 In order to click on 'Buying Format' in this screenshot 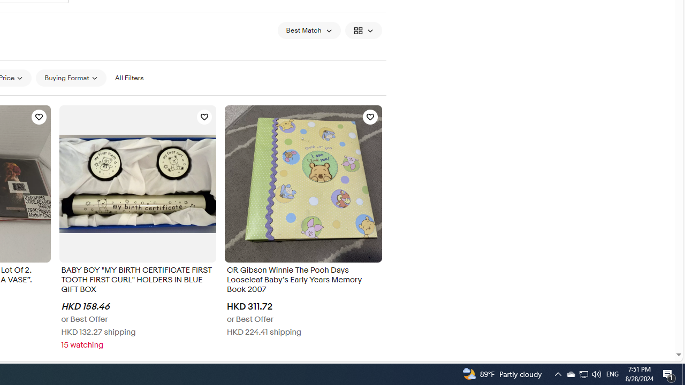, I will do `click(70, 77)`.